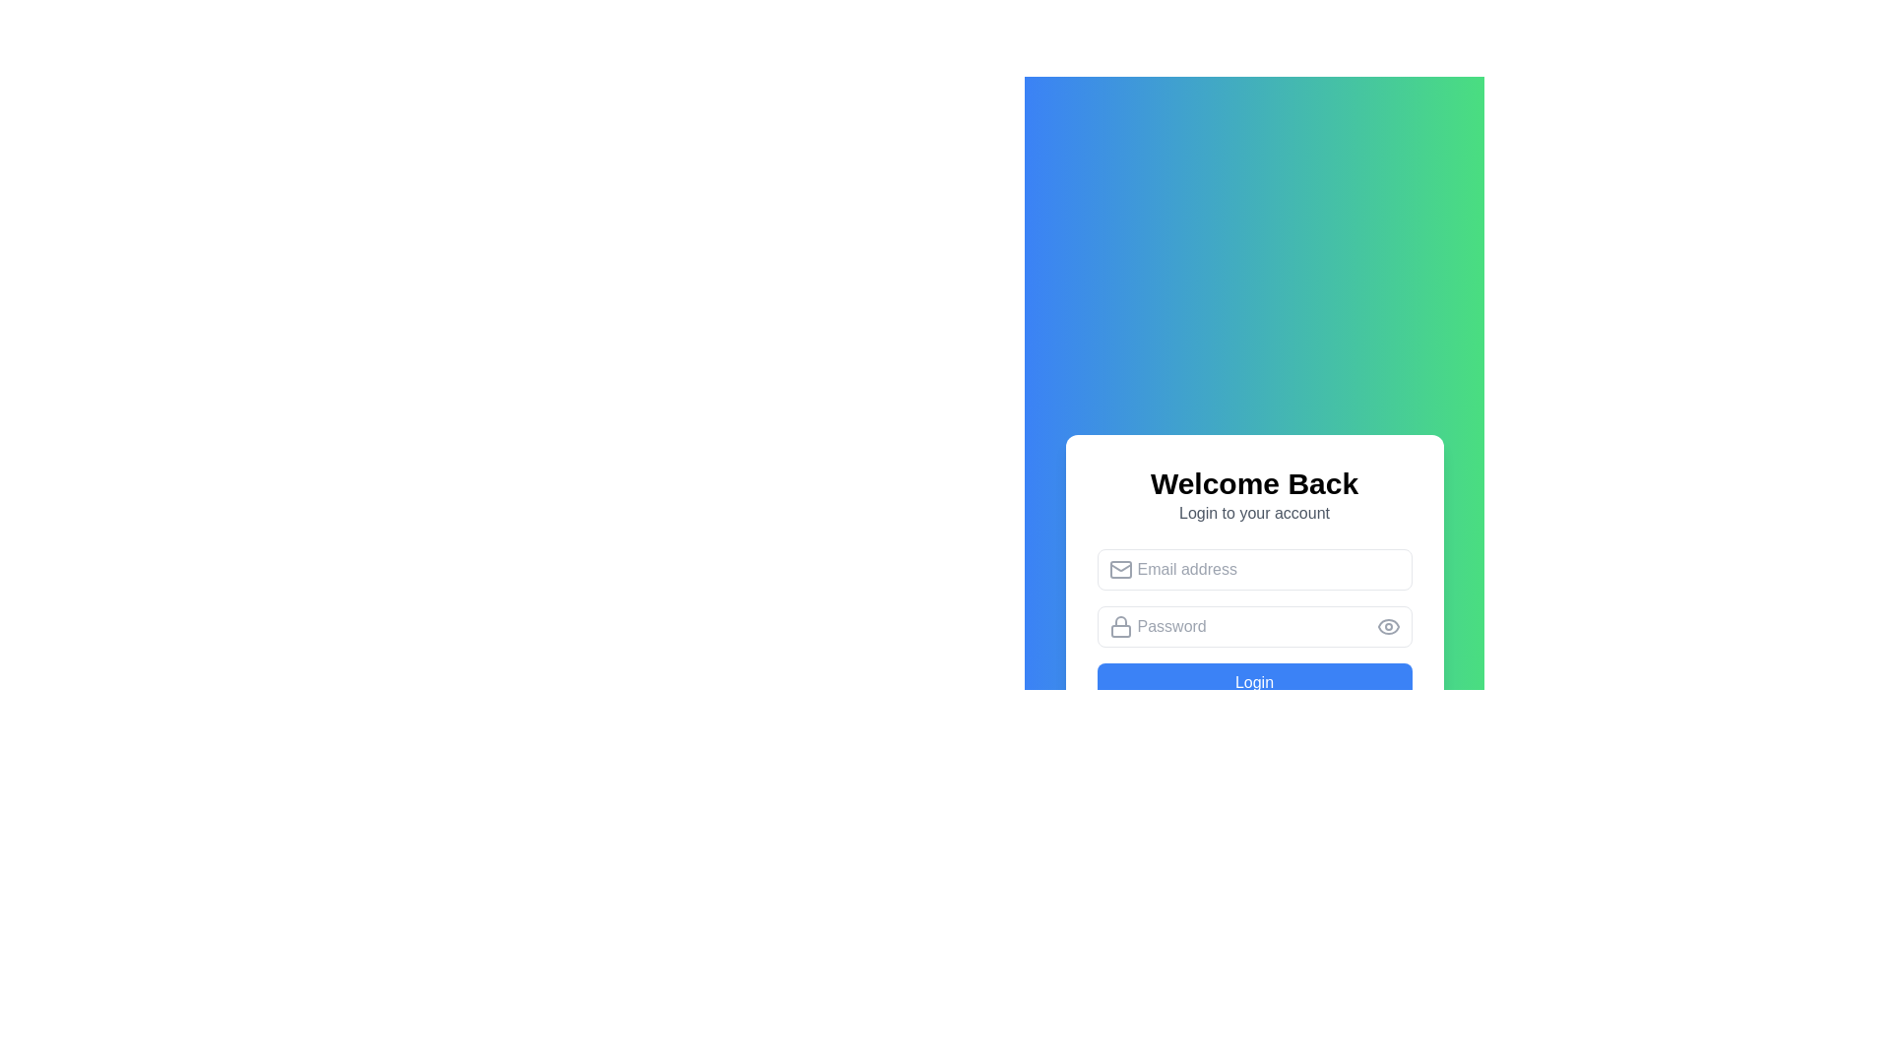 The image size is (1890, 1063). I want to click on the padlock icon element, which is a rectangular shape with rounded corners, located beneath the email input field and on the left side of the password input field, so click(1120, 631).